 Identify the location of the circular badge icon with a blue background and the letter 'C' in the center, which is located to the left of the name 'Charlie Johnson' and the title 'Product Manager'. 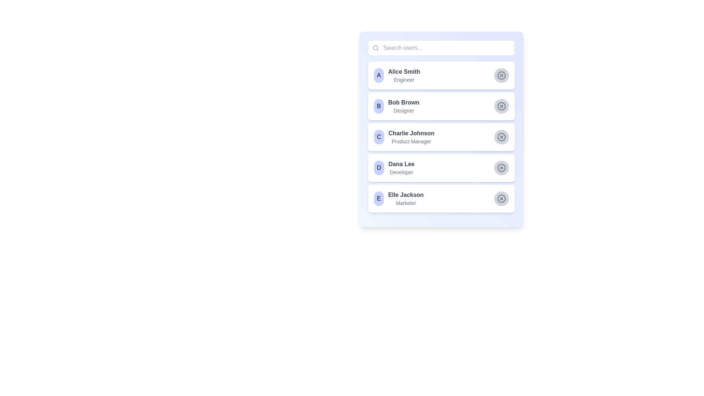
(379, 137).